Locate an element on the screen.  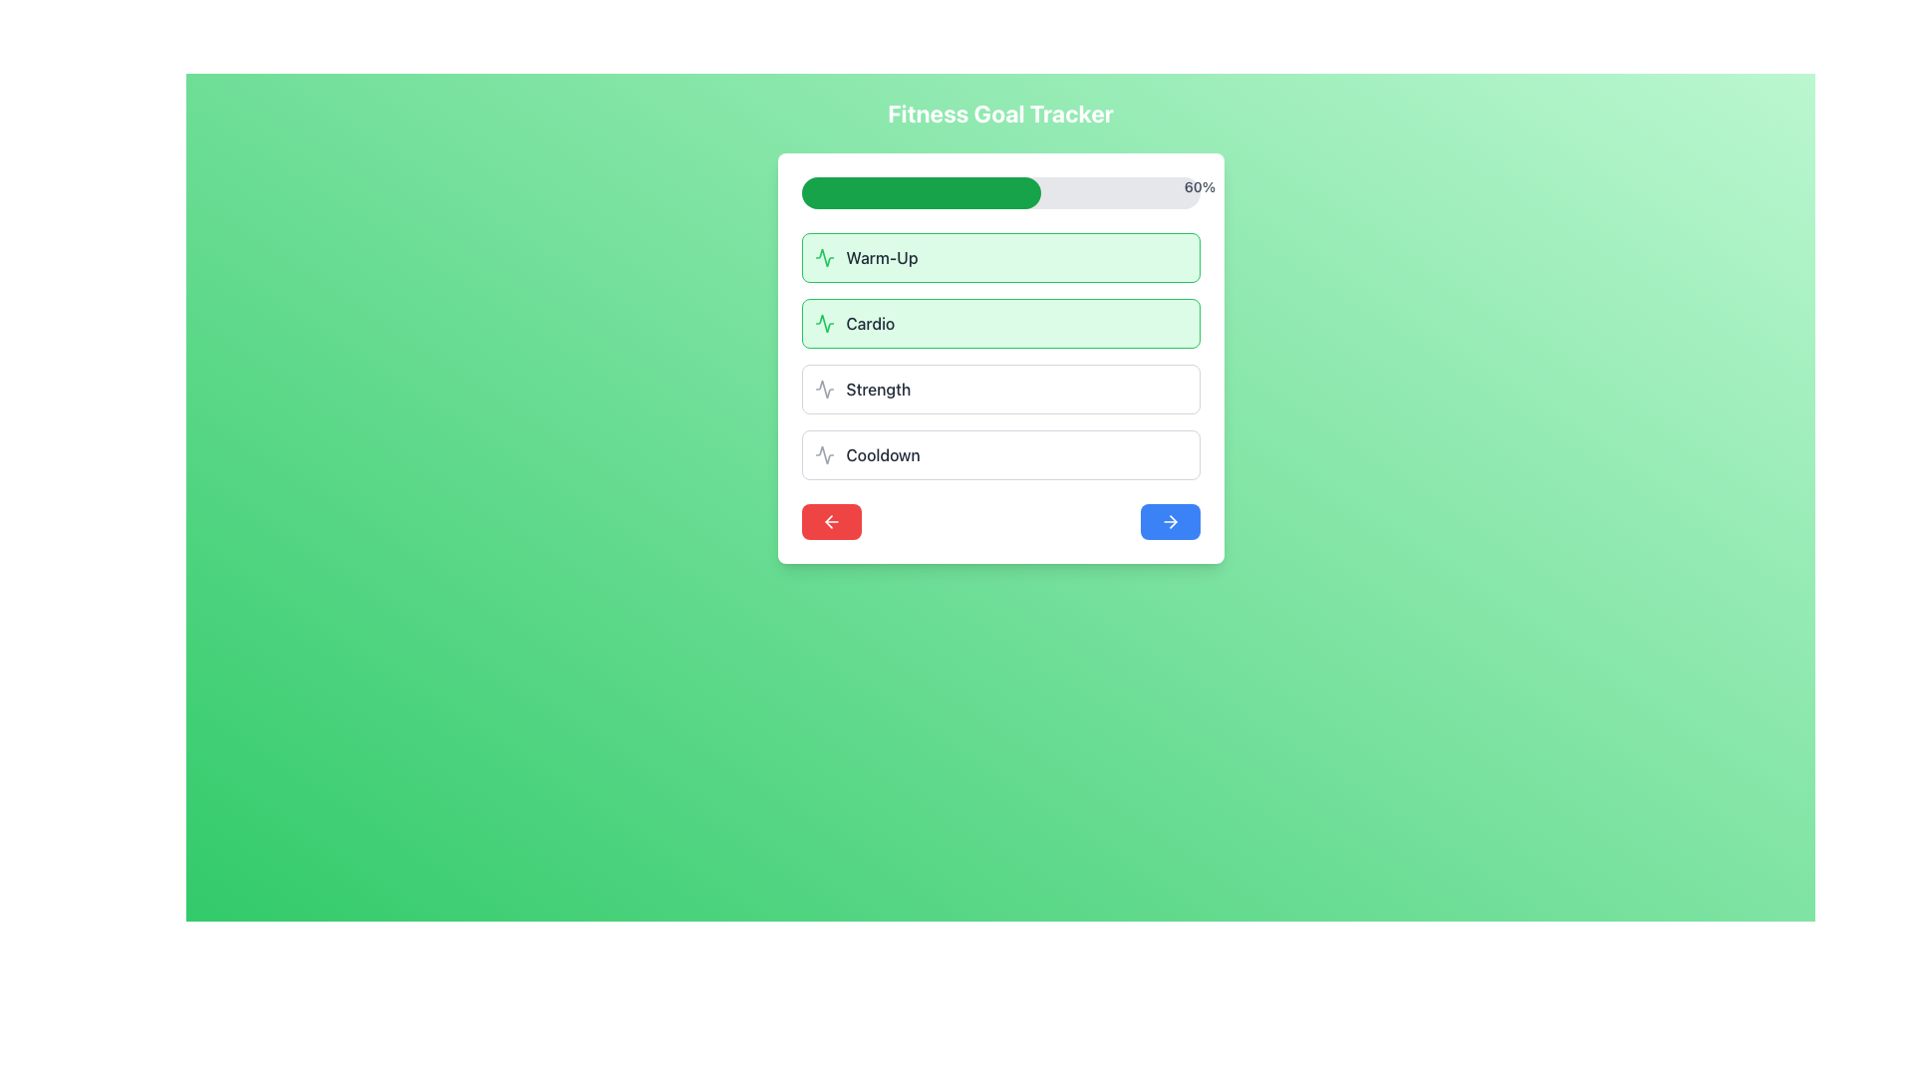
the 'Cardio' list item, which is styled as a button and highlighted with a light green background, located in a vertical list within a card layout is located at coordinates (1000, 356).